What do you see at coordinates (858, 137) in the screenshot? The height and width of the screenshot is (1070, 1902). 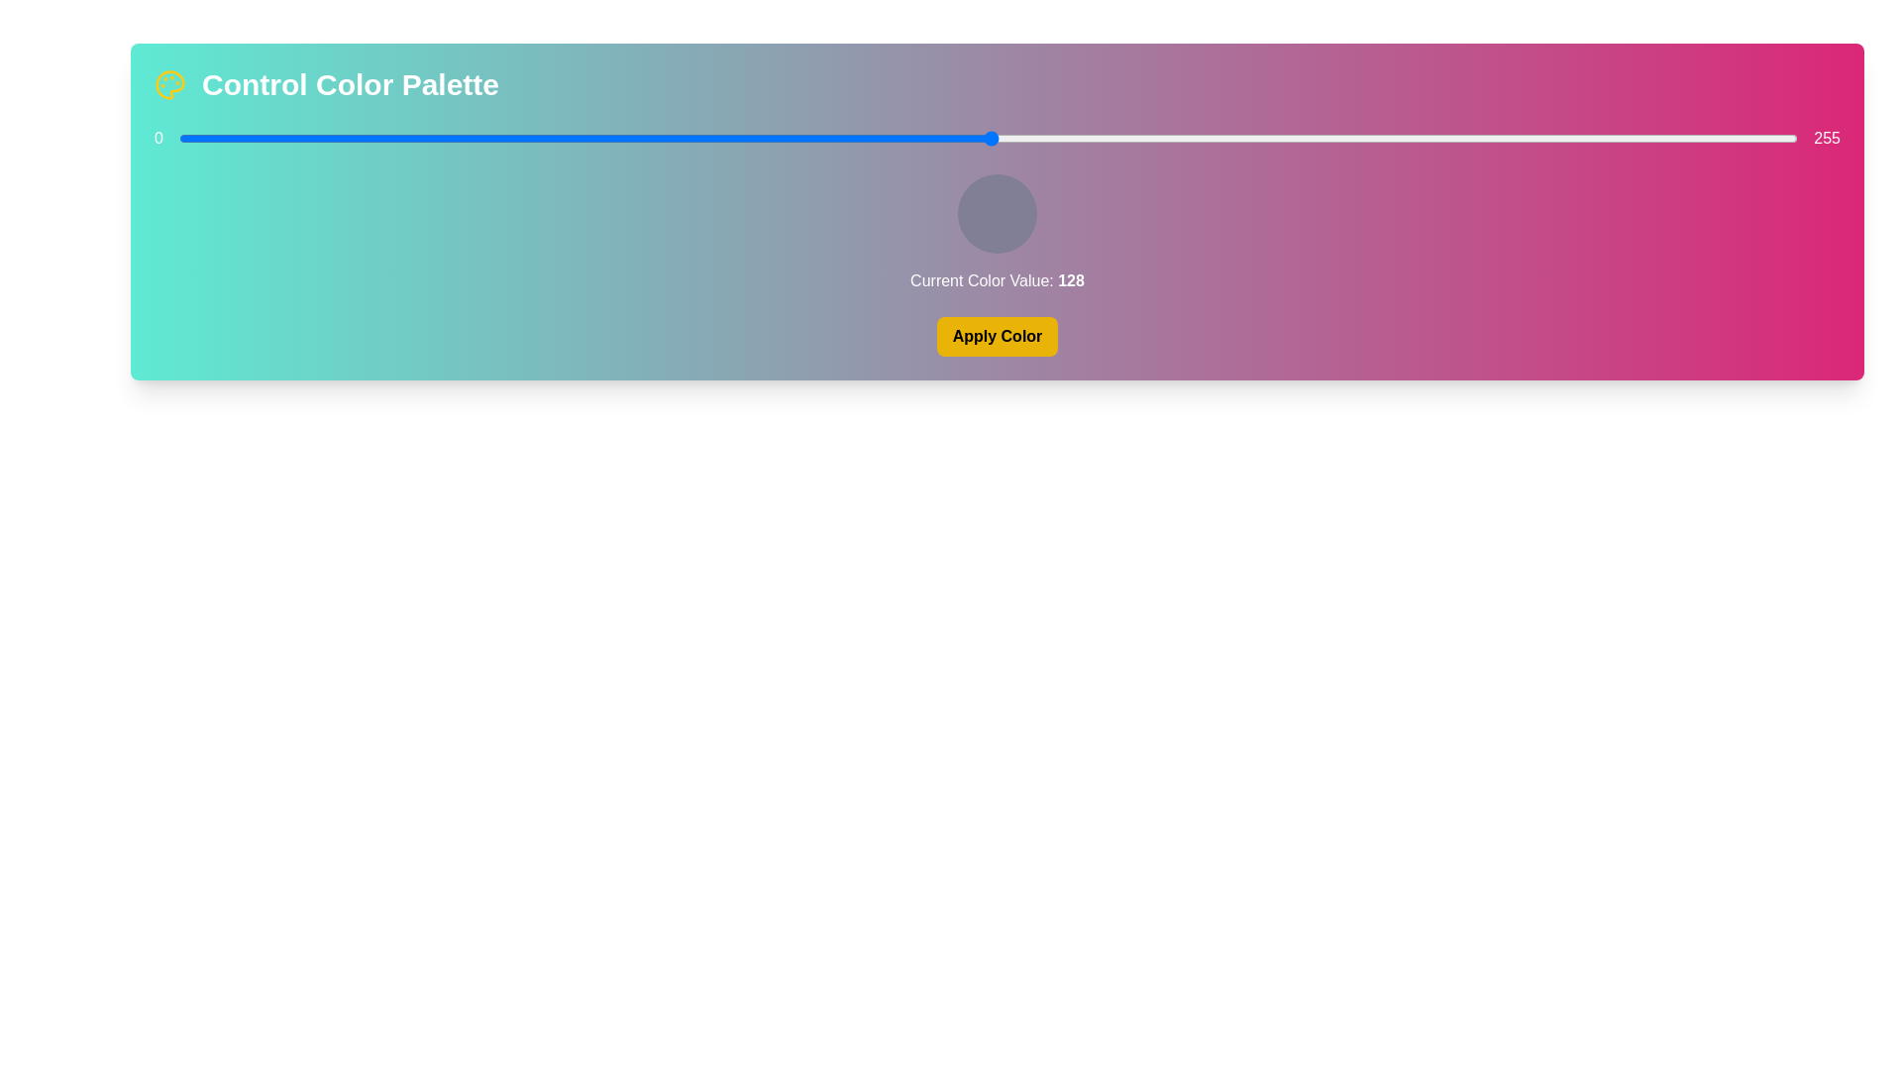 I see `the color slider to set the color value to 107` at bounding box center [858, 137].